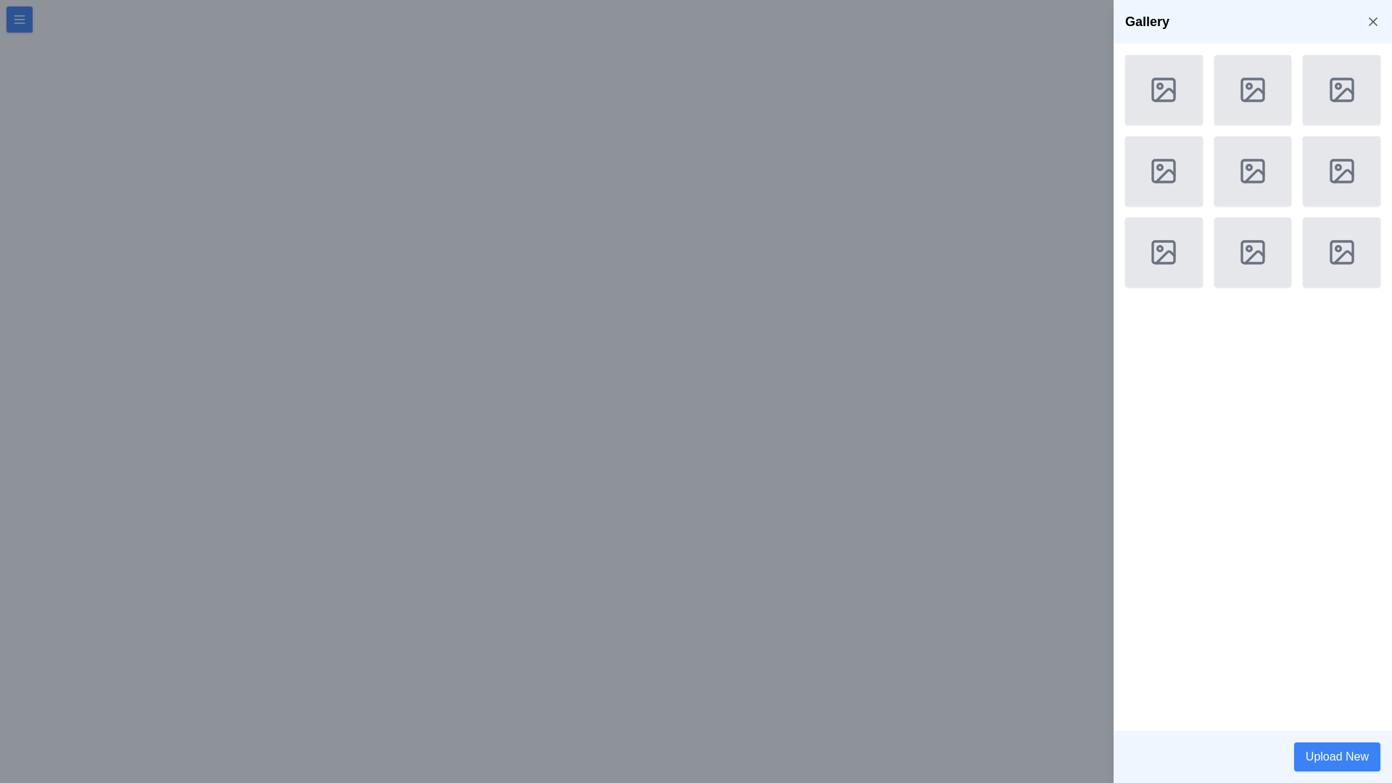  What do you see at coordinates (1372, 22) in the screenshot?
I see `the 'X' close icon in the upper-right corner of the 'Gallery' banner to change its color` at bounding box center [1372, 22].